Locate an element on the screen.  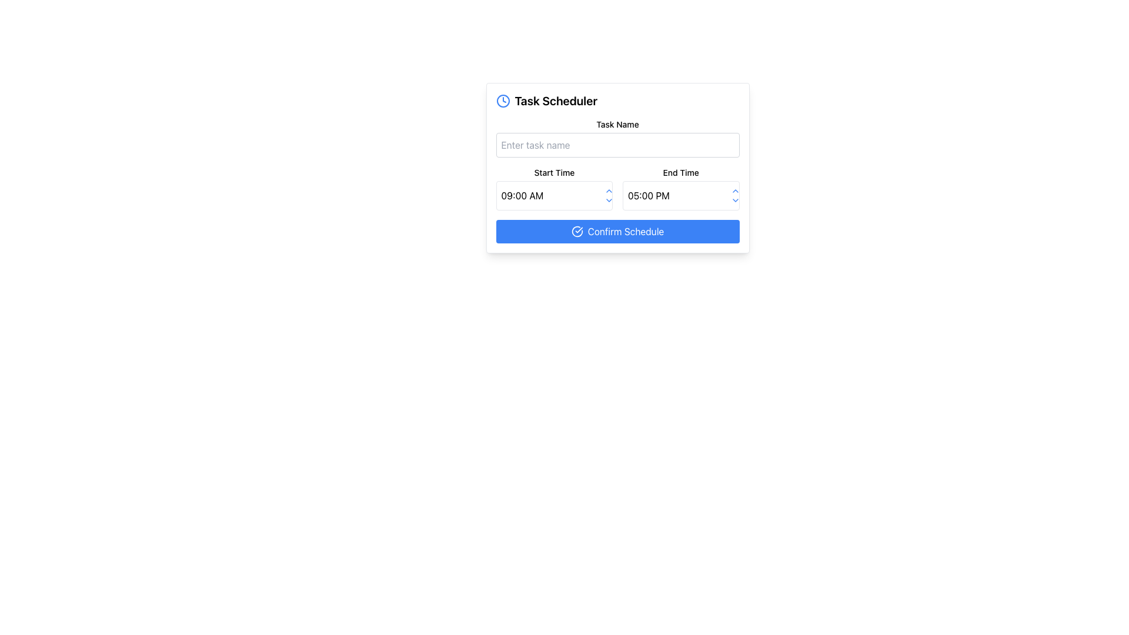
the downward pointing triangle of the Stepper control to decrement the time shown in the adjacent input box is located at coordinates (609, 195).